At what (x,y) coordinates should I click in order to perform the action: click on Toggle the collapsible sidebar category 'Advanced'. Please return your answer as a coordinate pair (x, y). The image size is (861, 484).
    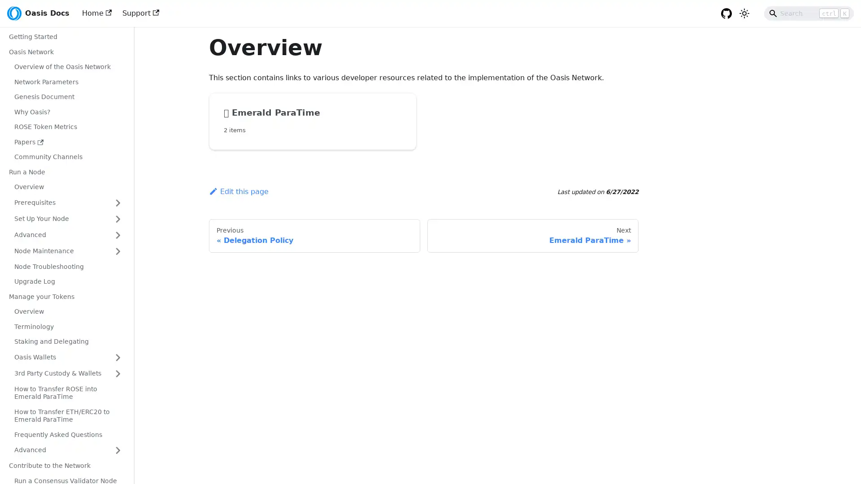
    Looking at the image, I should click on (117, 450).